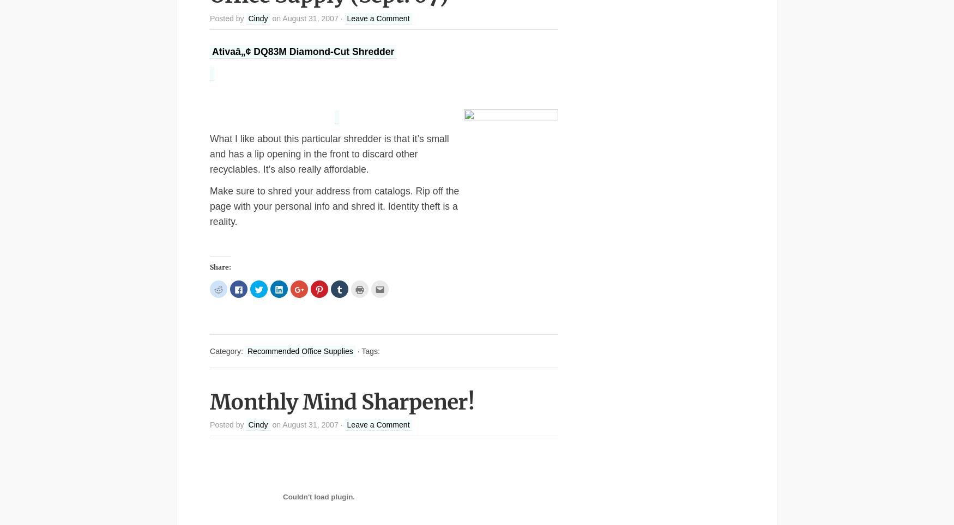  Describe the element at coordinates (209, 351) in the screenshot. I see `'Category:'` at that location.